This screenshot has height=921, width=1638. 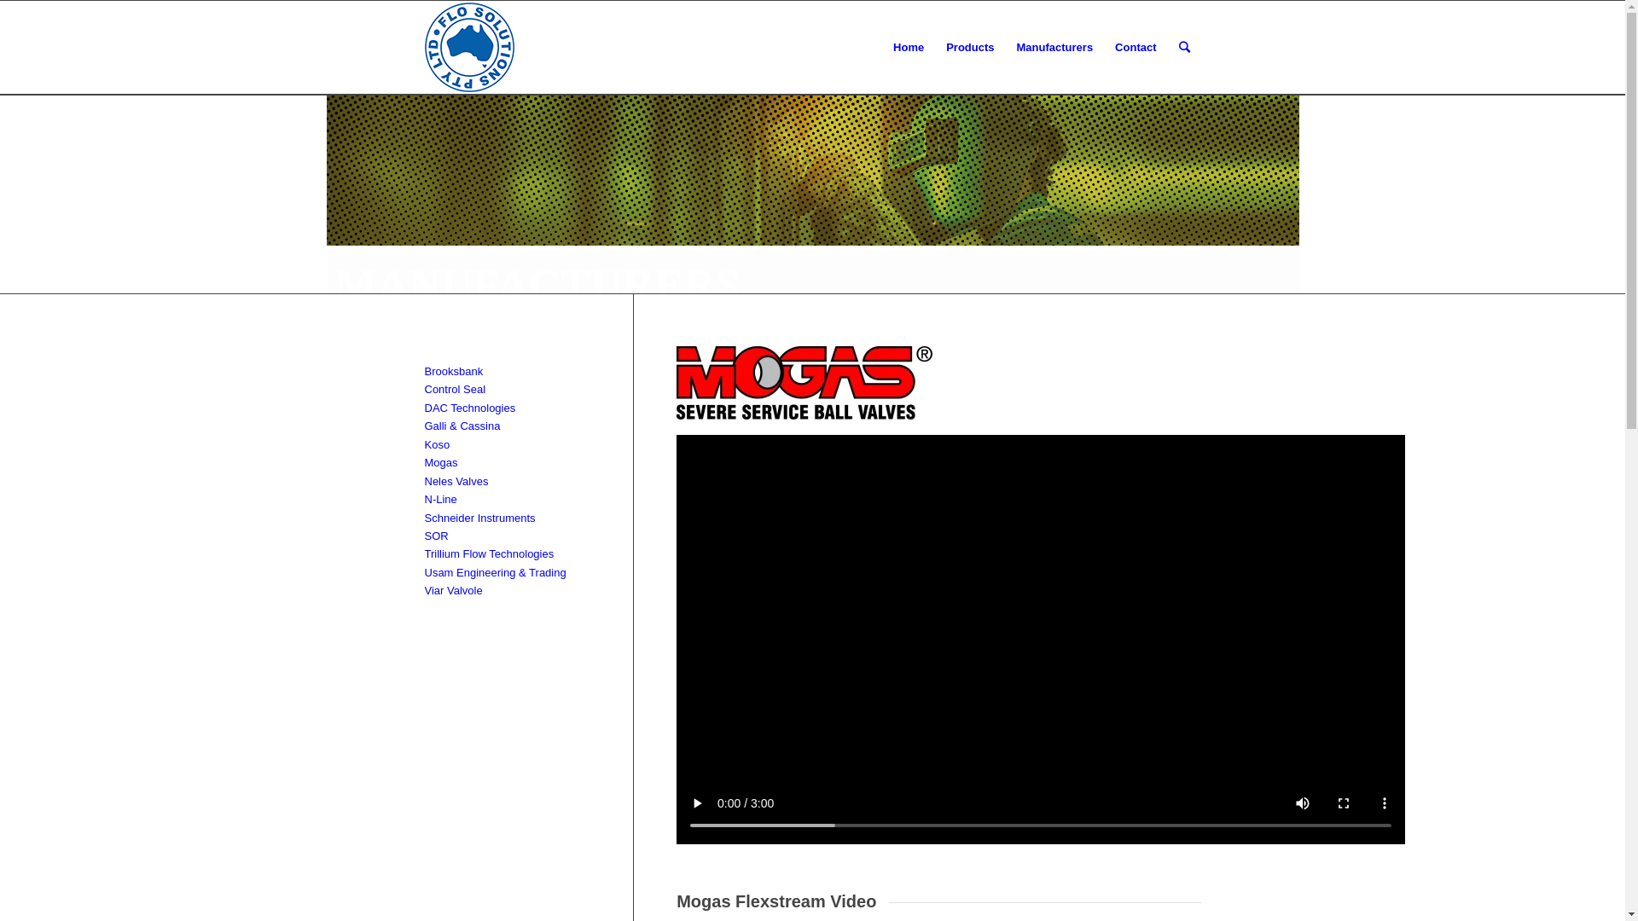 What do you see at coordinates (1054, 47) in the screenshot?
I see `'Manufacturers'` at bounding box center [1054, 47].